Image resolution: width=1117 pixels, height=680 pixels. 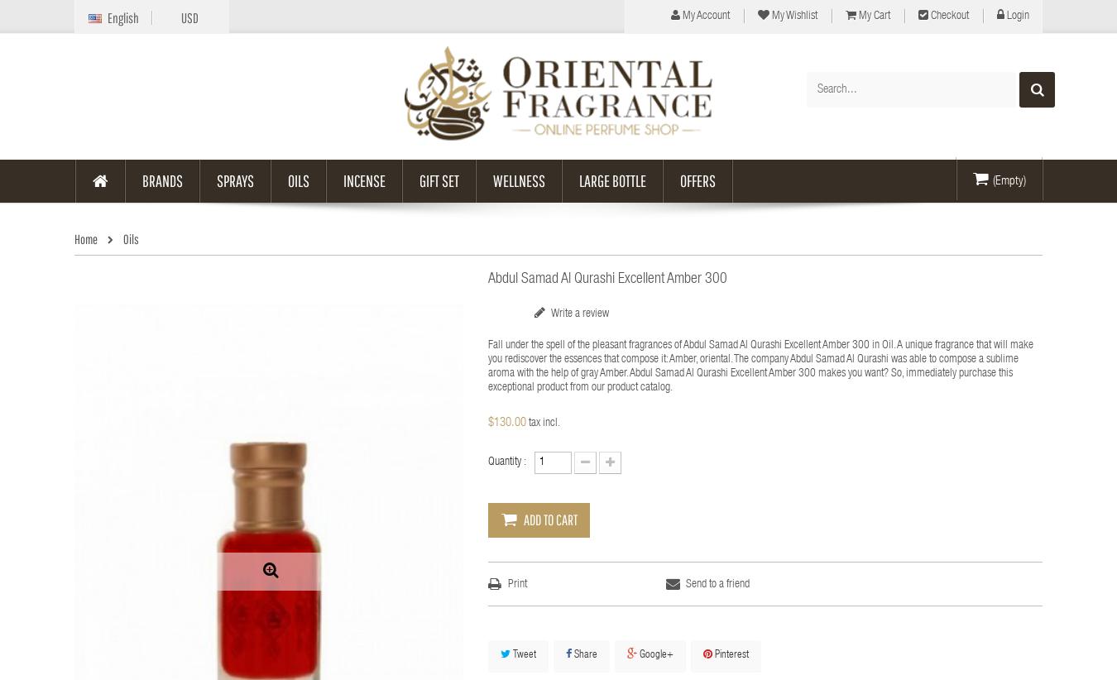 I want to click on 'Sprays', so click(x=234, y=180).